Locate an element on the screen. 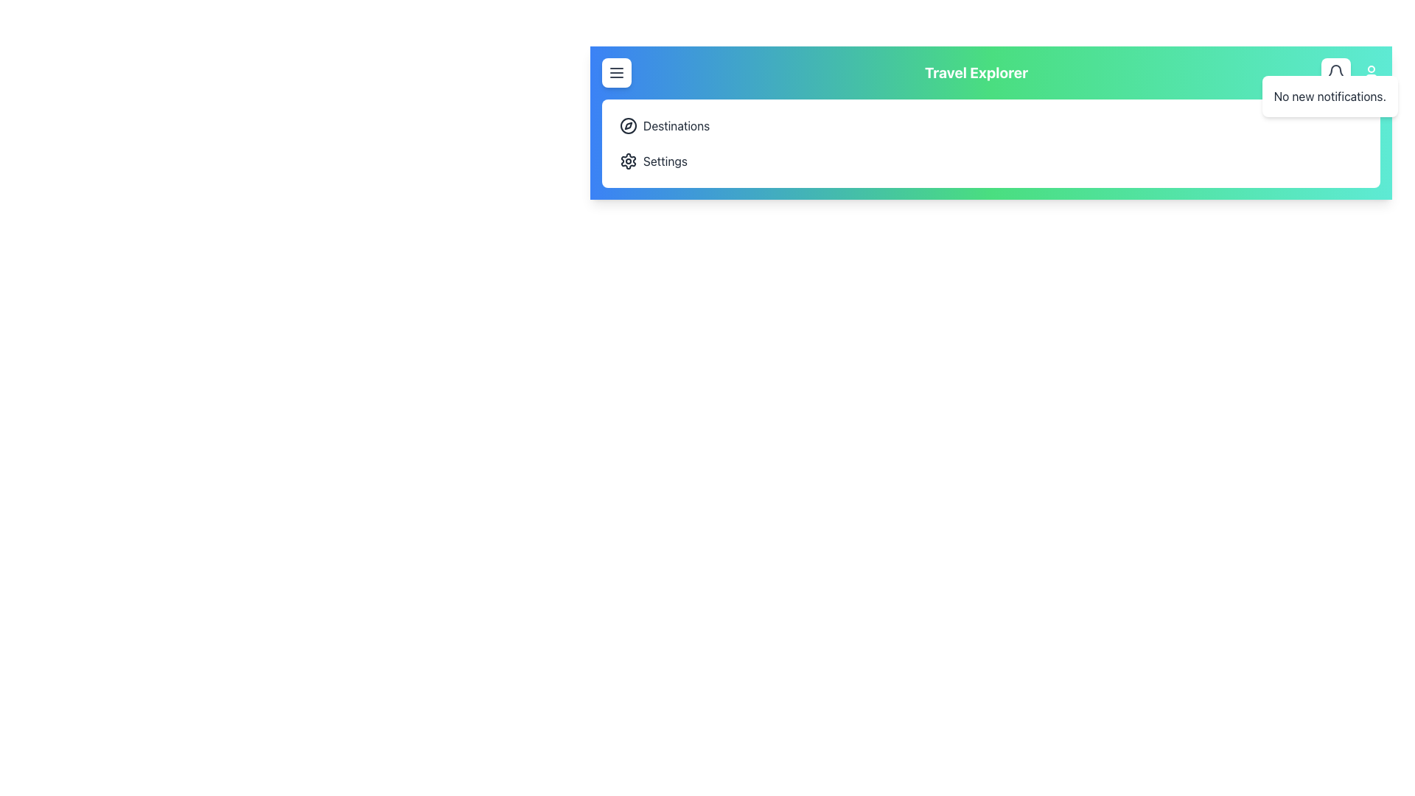 Image resolution: width=1415 pixels, height=796 pixels. the user profile icon located in the Icon group at the top-right corner of the interface is located at coordinates (1351, 73).